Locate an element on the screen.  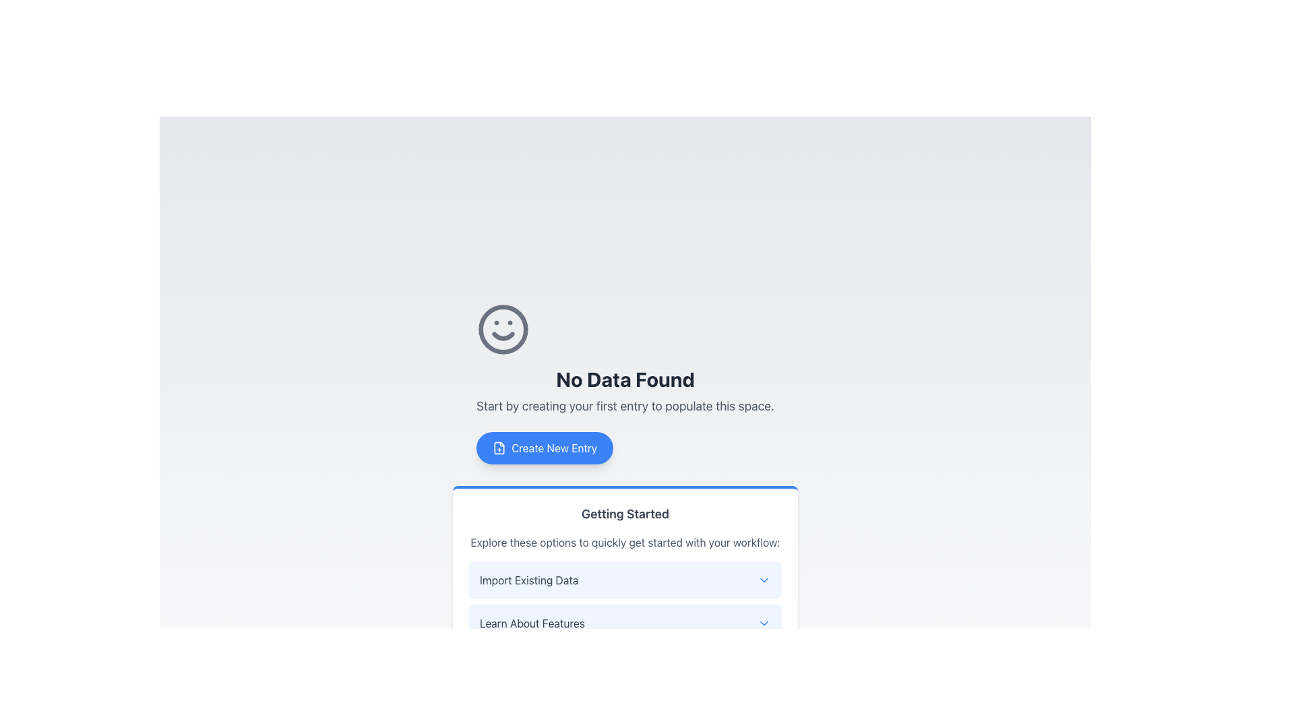
the informational text element located in the 'Getting Started' section, positioned below the title 'Getting Started' is located at coordinates (624, 542).